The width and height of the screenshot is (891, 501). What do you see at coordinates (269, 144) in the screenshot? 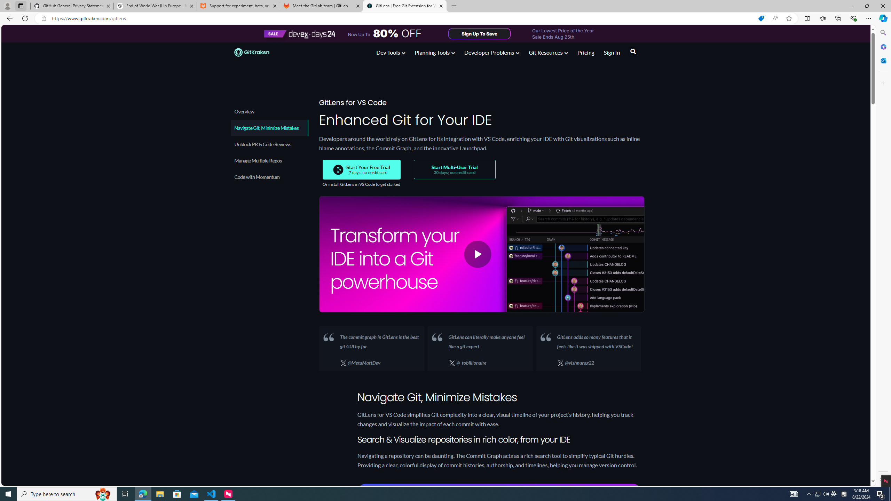
I see `'Unblock PR & Code Reviews'` at bounding box center [269, 144].